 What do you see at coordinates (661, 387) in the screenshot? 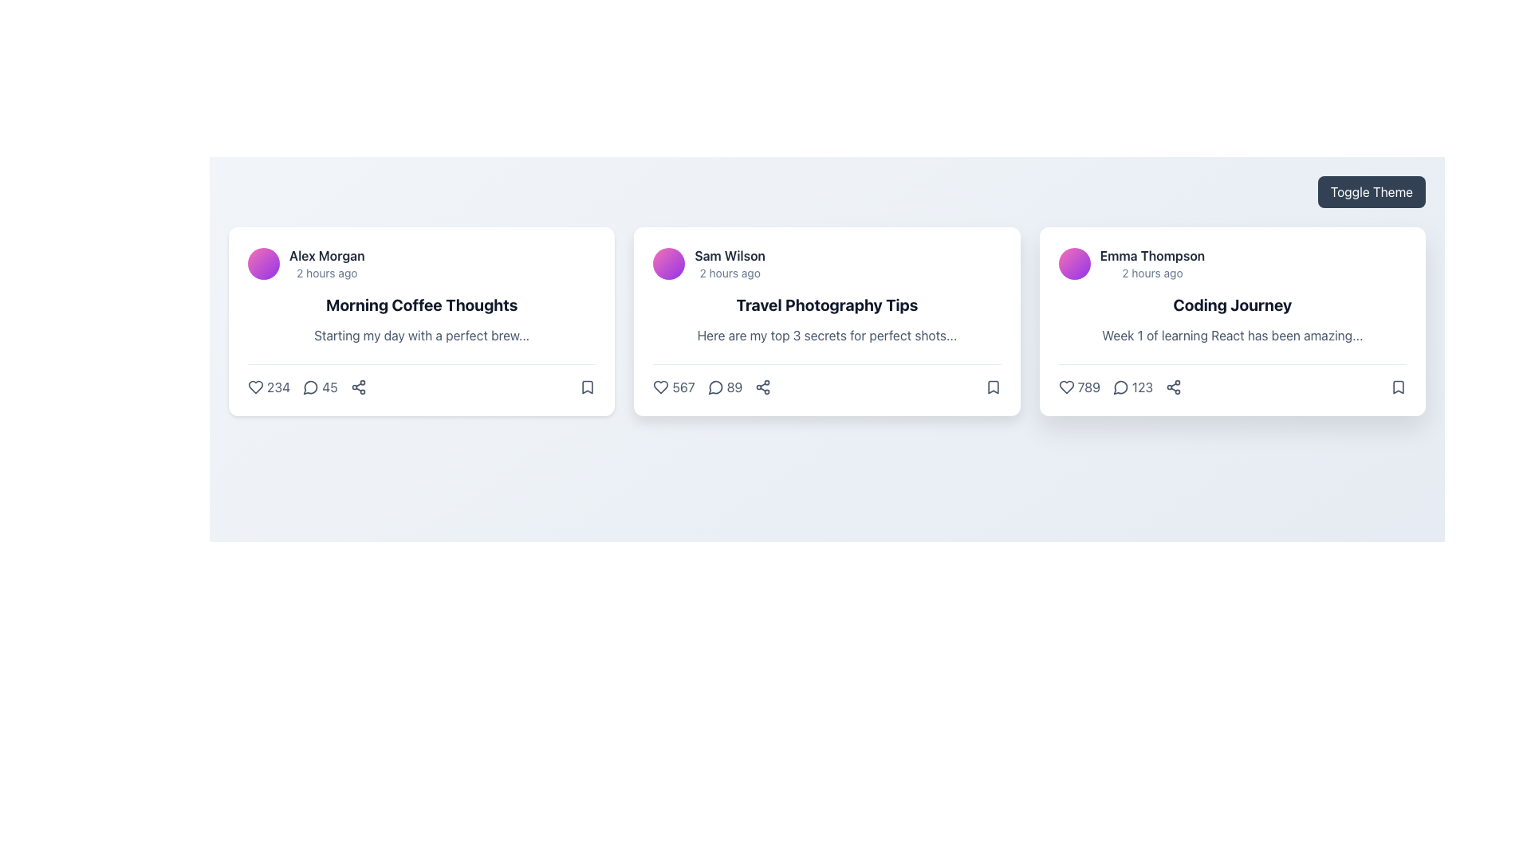
I see `the 'like' button located in the lower section of the middle card` at bounding box center [661, 387].